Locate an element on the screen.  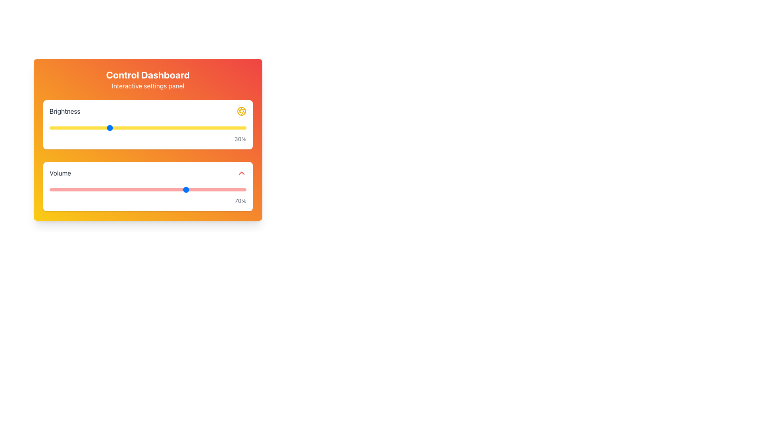
the volume is located at coordinates (83, 189).